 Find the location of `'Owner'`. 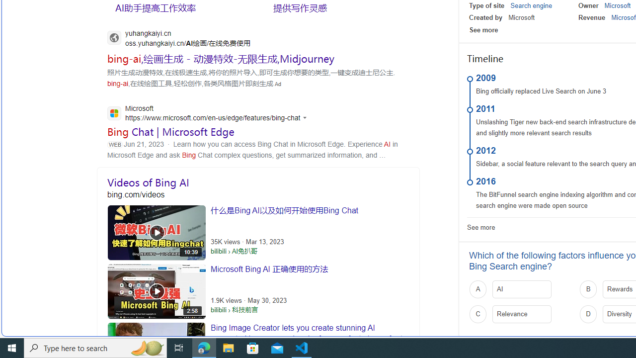

'Owner' is located at coordinates (588, 5).